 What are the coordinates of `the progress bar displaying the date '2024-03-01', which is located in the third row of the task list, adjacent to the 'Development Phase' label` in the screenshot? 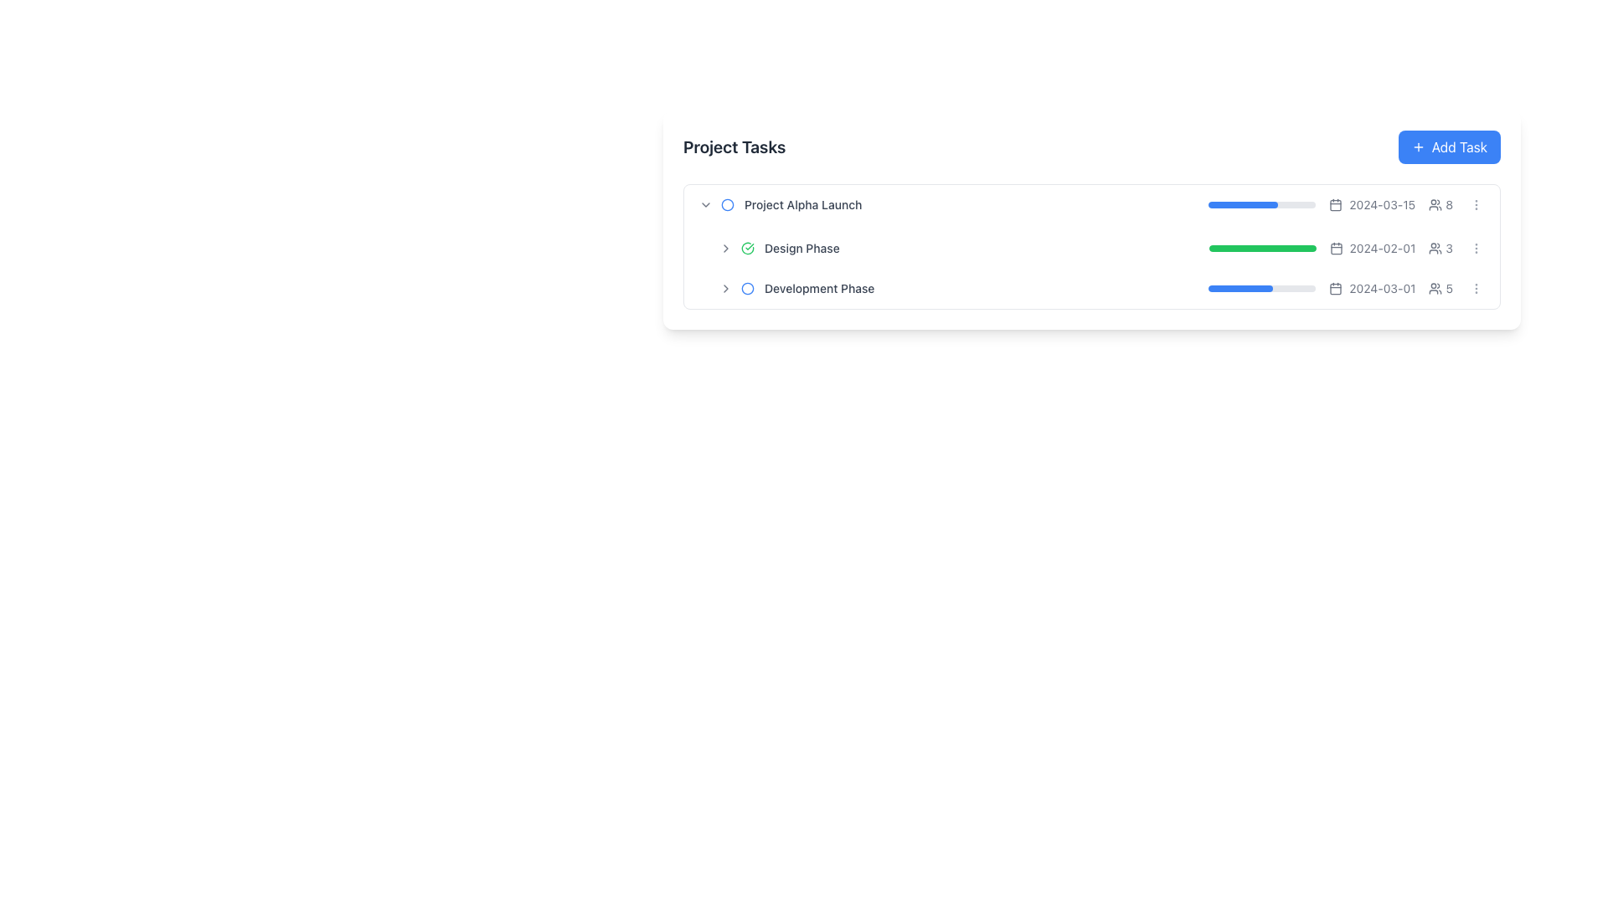 It's located at (1348, 287).